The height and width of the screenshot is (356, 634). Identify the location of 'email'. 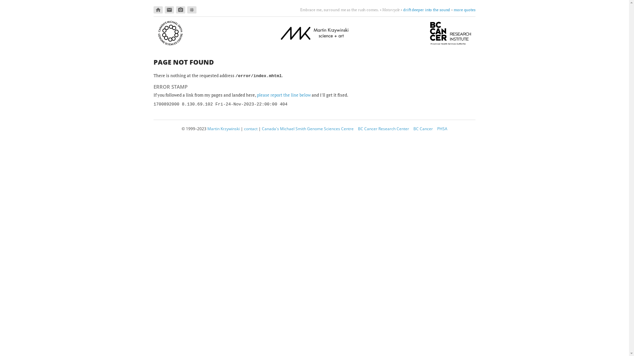
(169, 10).